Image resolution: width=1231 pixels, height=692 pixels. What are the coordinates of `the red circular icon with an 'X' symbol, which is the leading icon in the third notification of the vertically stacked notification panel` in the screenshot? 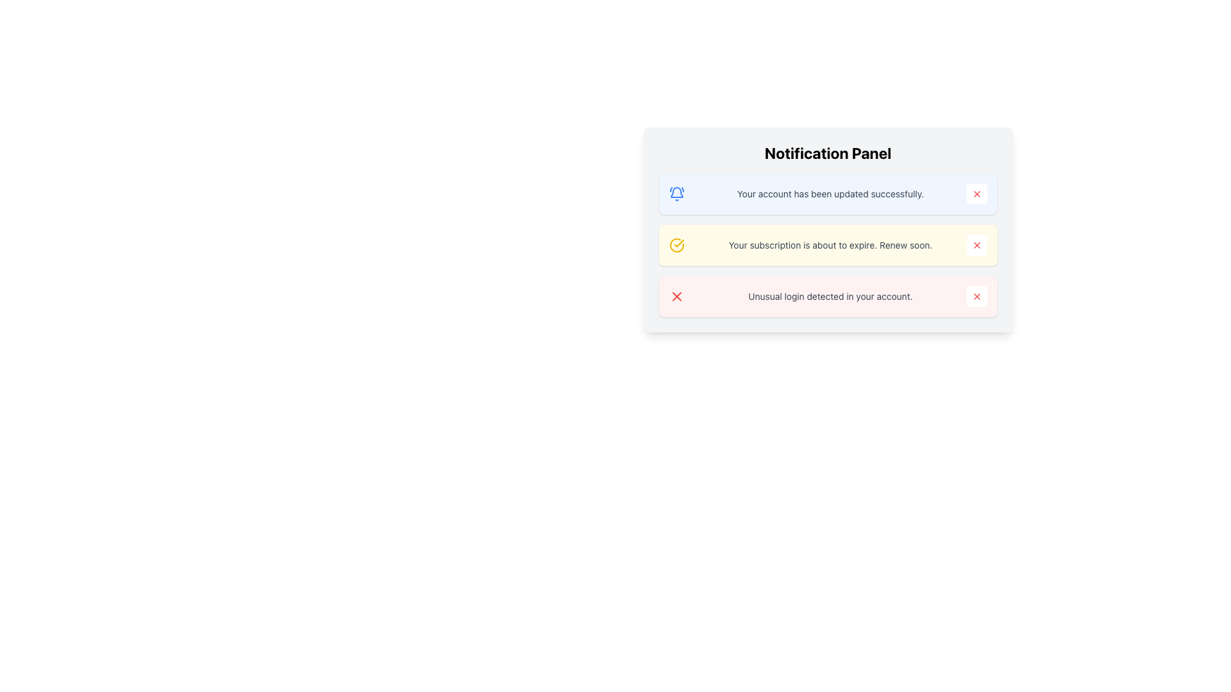 It's located at (676, 296).